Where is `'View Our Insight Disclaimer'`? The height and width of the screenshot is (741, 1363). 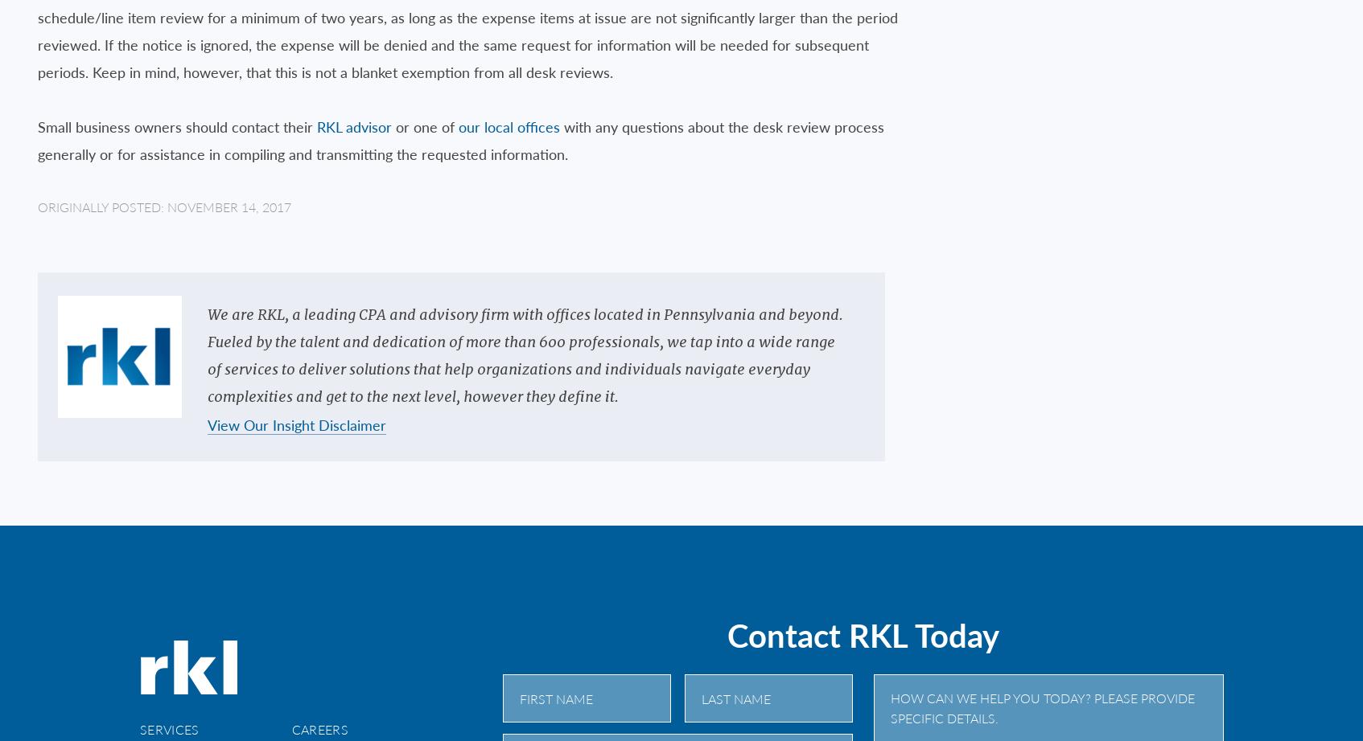
'View Our Insight Disclaimer' is located at coordinates (206, 424).